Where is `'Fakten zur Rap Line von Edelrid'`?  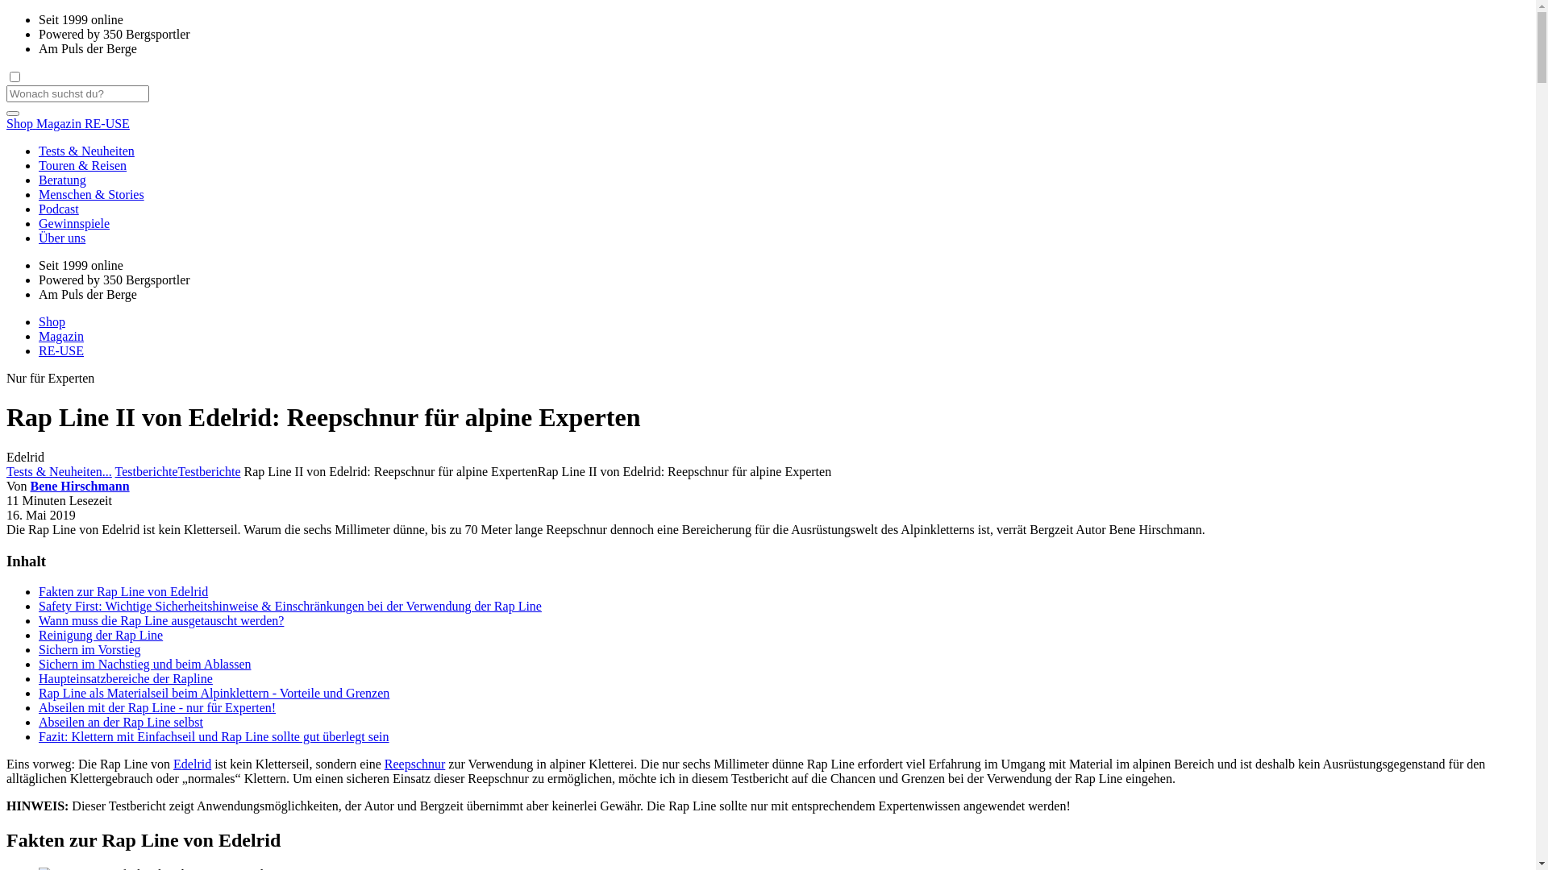
'Fakten zur Rap Line von Edelrid' is located at coordinates (123, 591).